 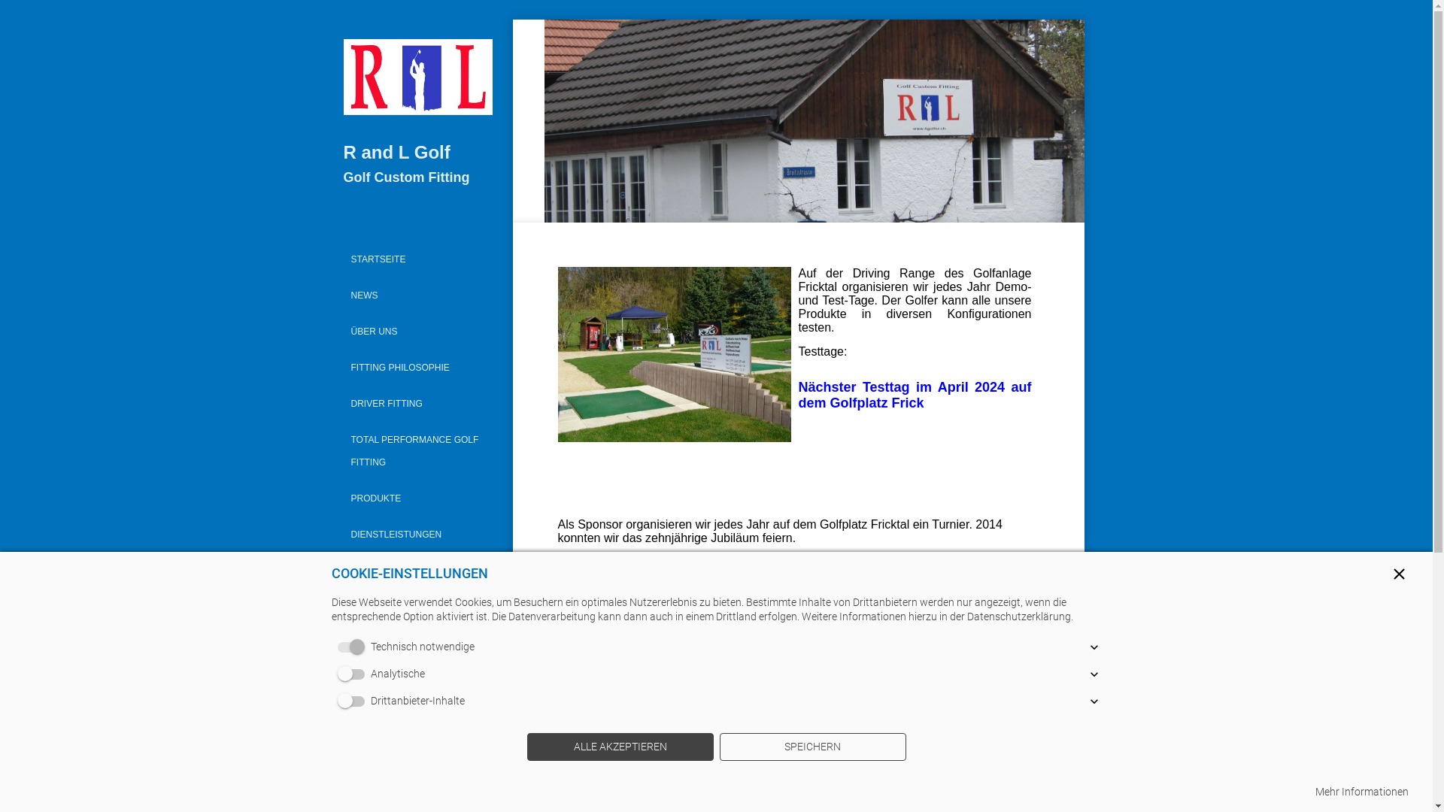 What do you see at coordinates (338, 498) in the screenshot?
I see `'PRODUKTE'` at bounding box center [338, 498].